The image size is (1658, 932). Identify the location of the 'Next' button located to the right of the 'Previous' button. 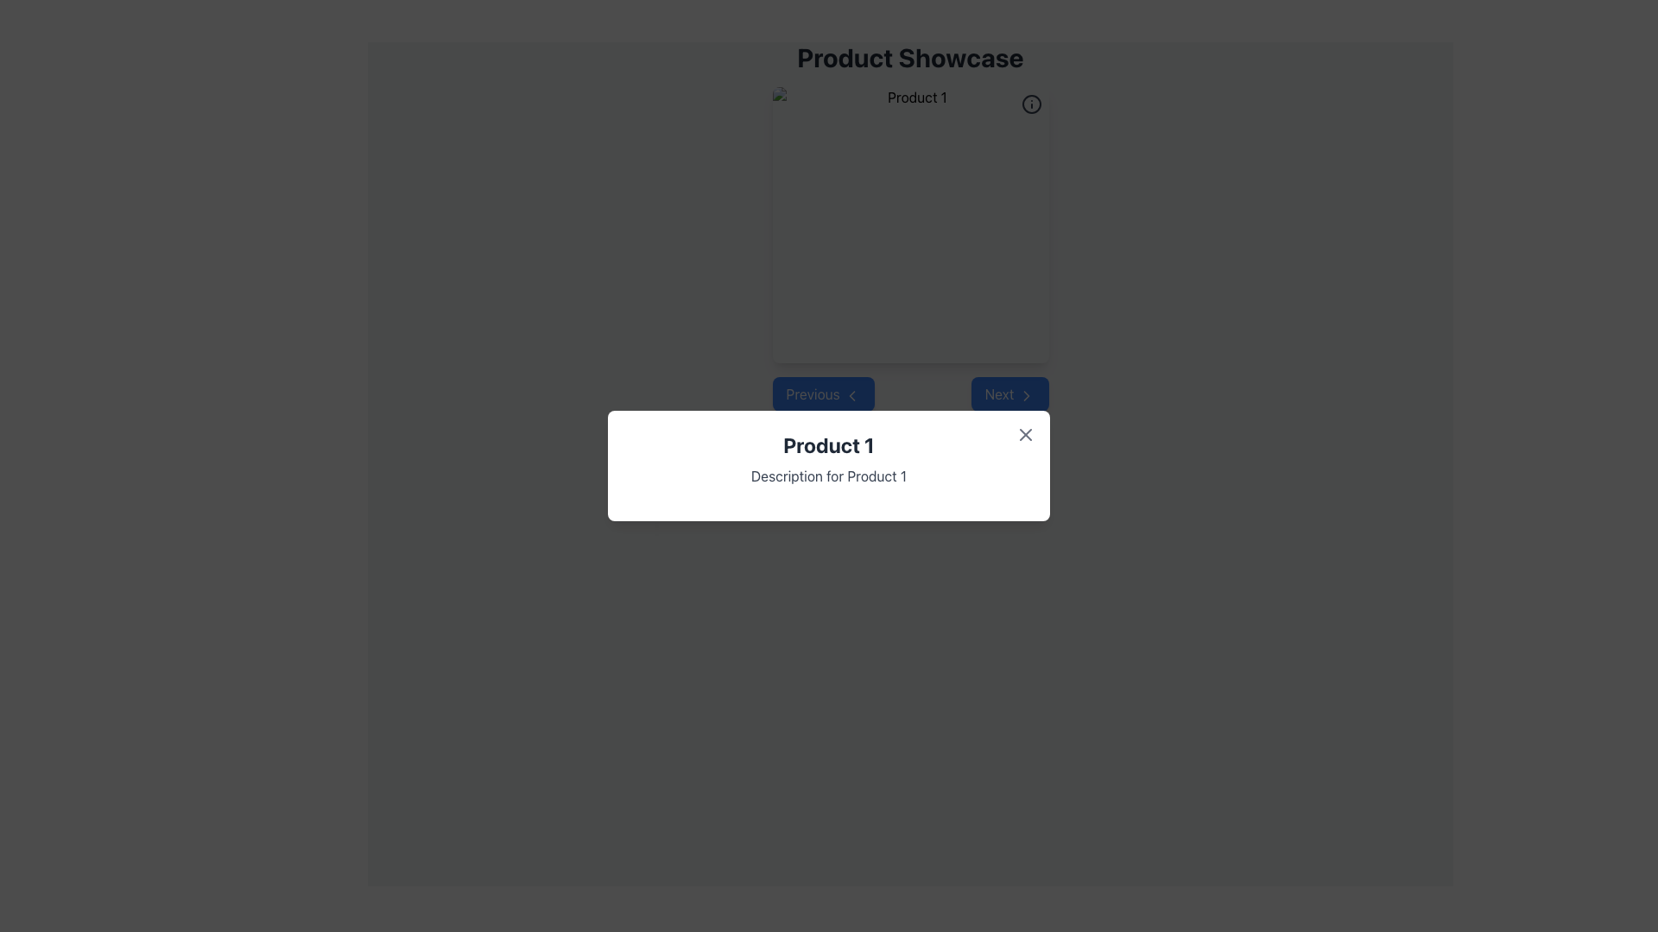
(1009, 394).